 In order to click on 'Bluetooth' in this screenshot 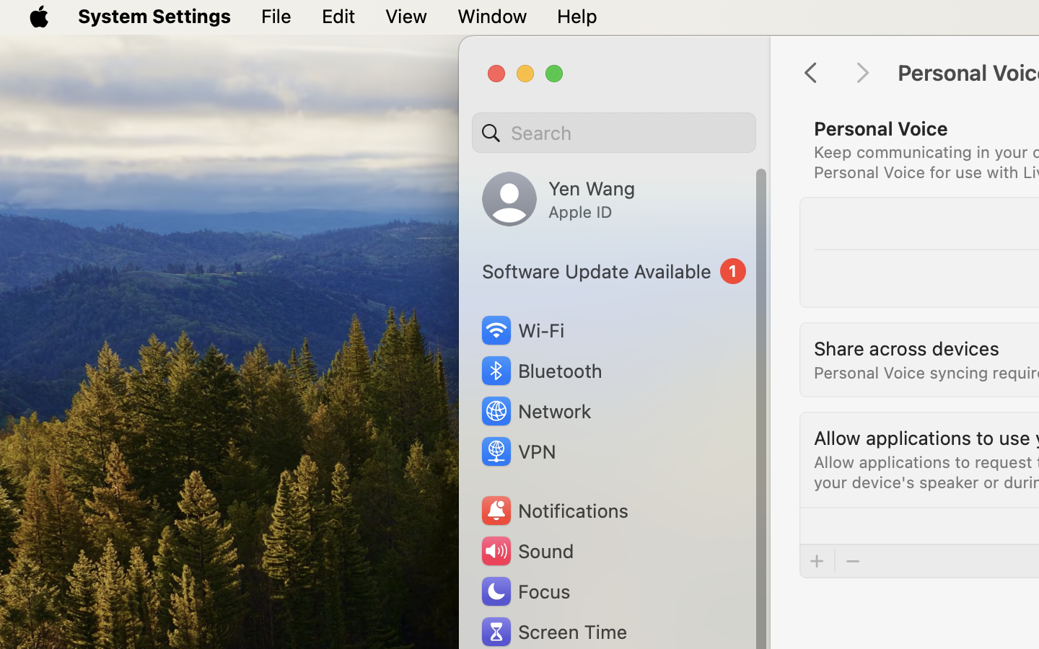, I will do `click(540, 369)`.